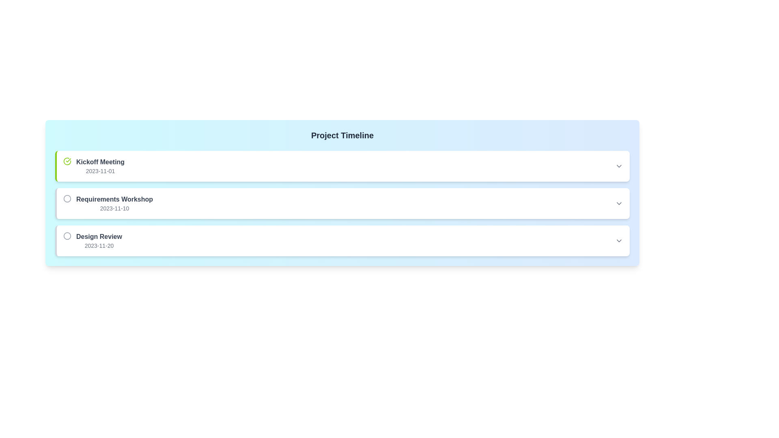 The width and height of the screenshot is (779, 438). I want to click on text from the 'Requirements Workshop' event label, which includes the title in bold dark gray and the date in smaller light gray positioned in the second row of the event list, so click(114, 203).